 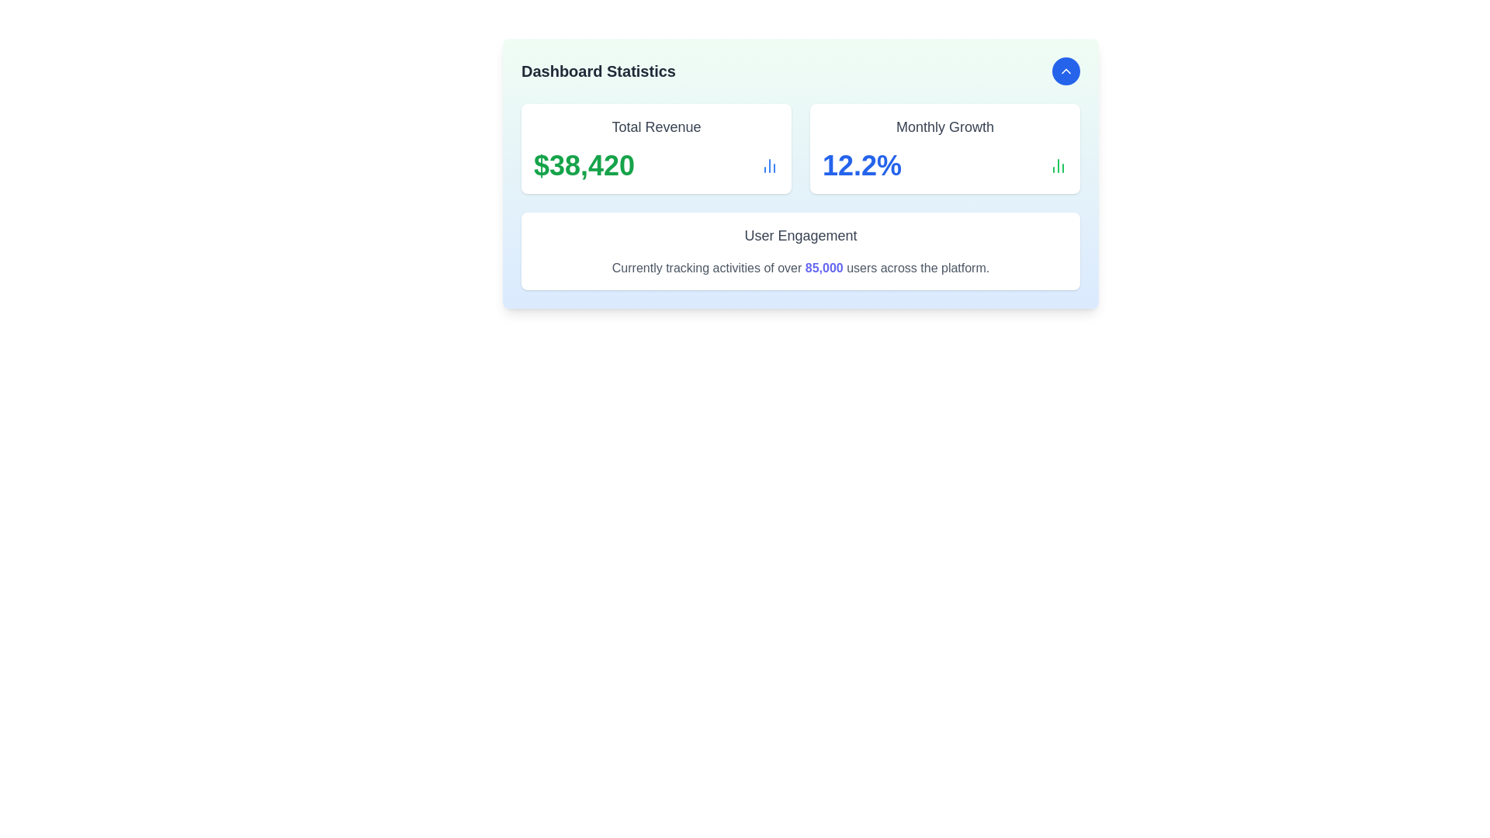 What do you see at coordinates (823, 267) in the screenshot?
I see `the text element displaying '85,000' in bold indigo color, located in the 'User Engagement' section of the dashboard` at bounding box center [823, 267].